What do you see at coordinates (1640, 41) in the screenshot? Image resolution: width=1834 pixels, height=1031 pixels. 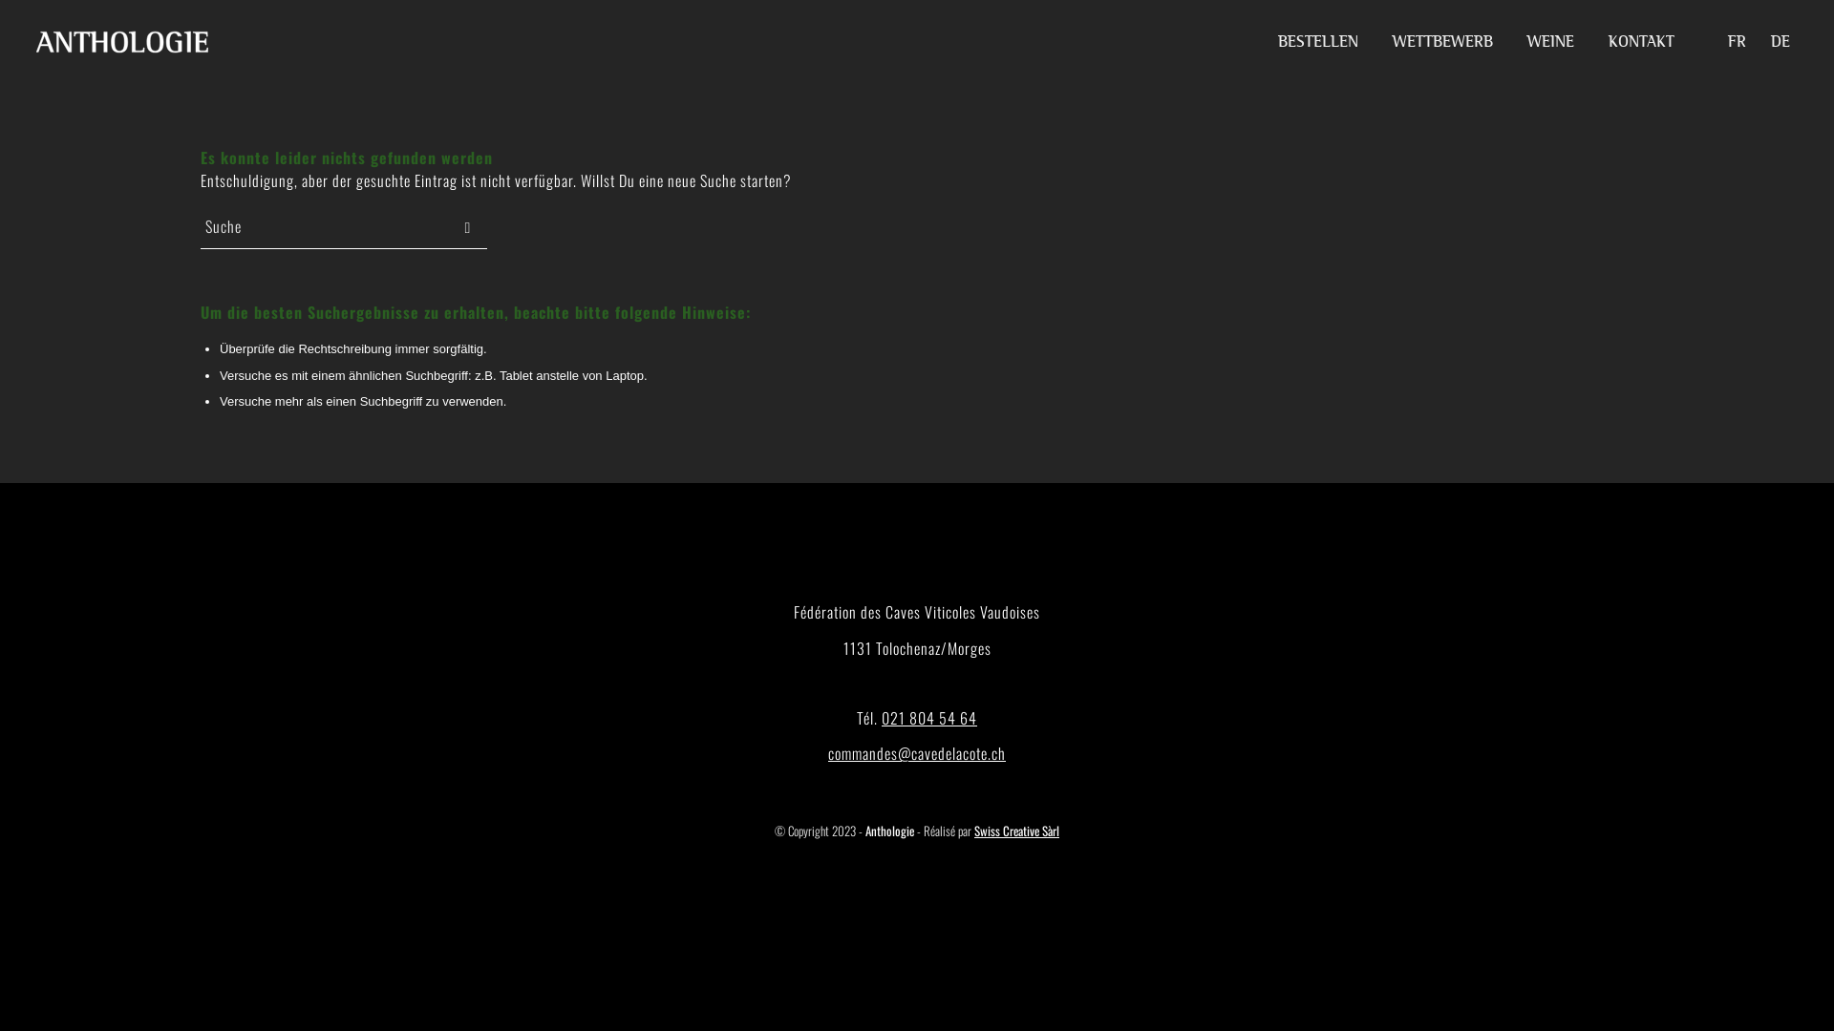 I see `'KONTAKT'` at bounding box center [1640, 41].